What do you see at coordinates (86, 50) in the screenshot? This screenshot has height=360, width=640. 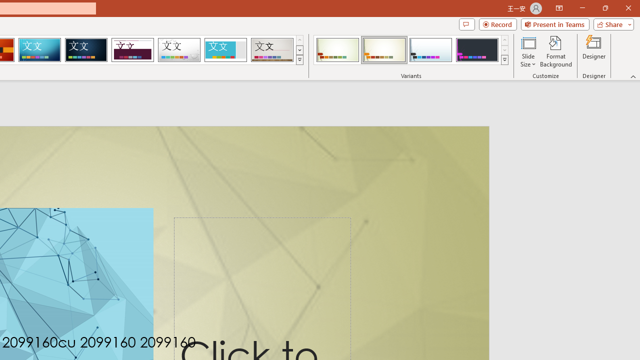 I see `'Damask Loading Preview...'` at bounding box center [86, 50].